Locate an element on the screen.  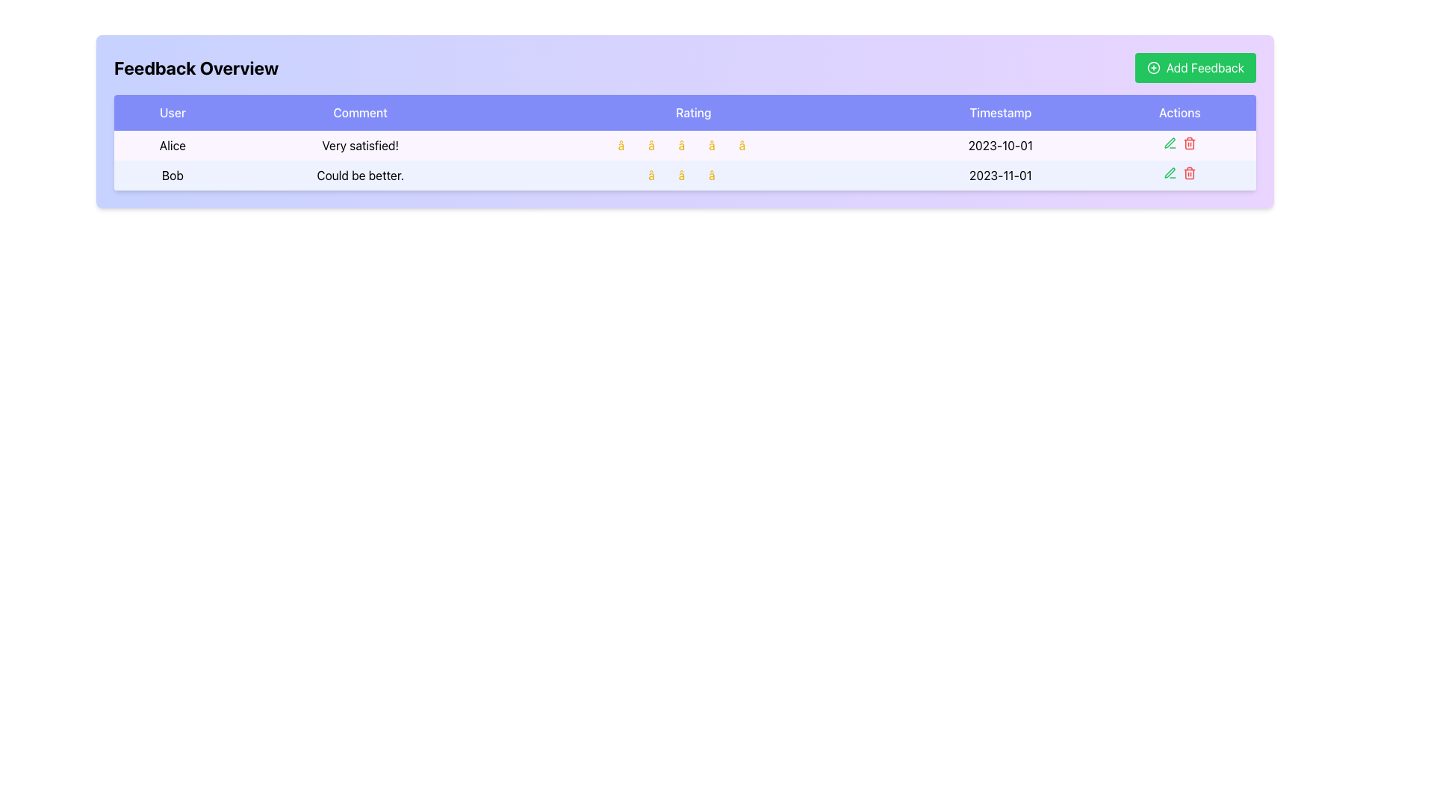
the green 'Add Feedback' button in the top-right corner of the interface that contains the circular icon with a plus sign is located at coordinates (1152, 68).